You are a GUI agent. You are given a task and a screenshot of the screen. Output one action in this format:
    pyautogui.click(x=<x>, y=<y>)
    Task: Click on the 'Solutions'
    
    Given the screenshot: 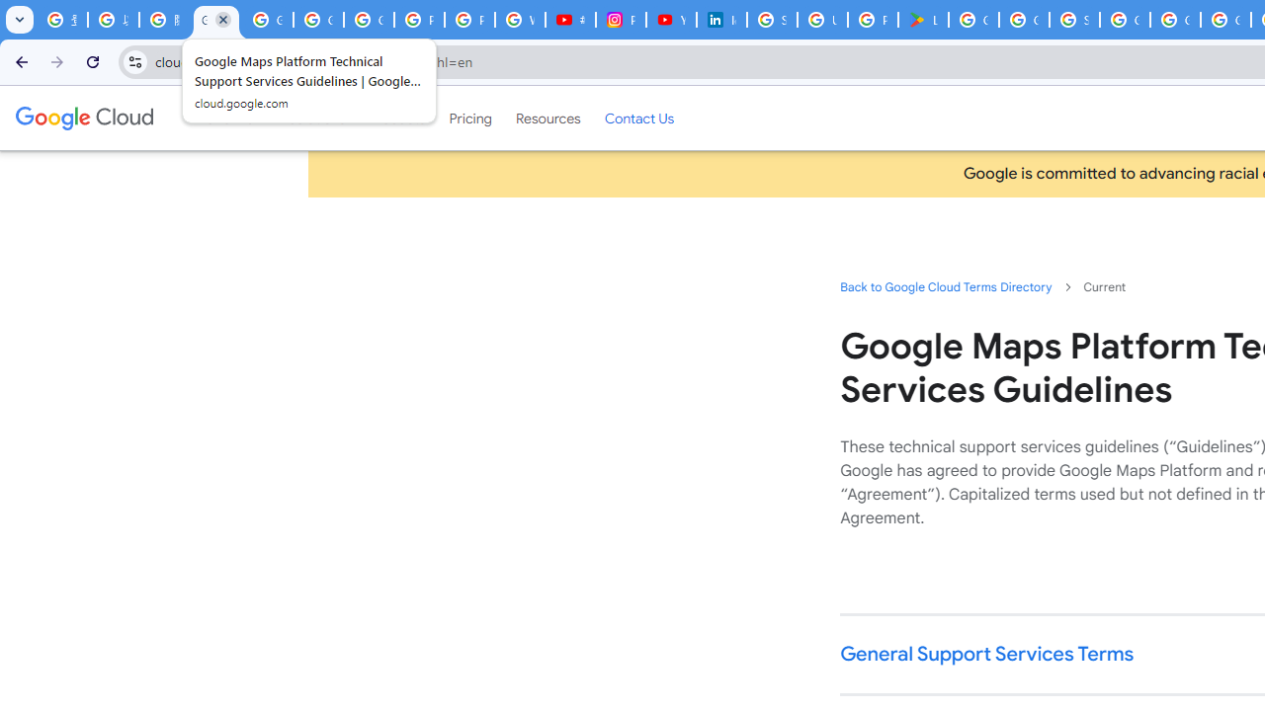 What is the action you would take?
    pyautogui.click(x=316, y=118)
    